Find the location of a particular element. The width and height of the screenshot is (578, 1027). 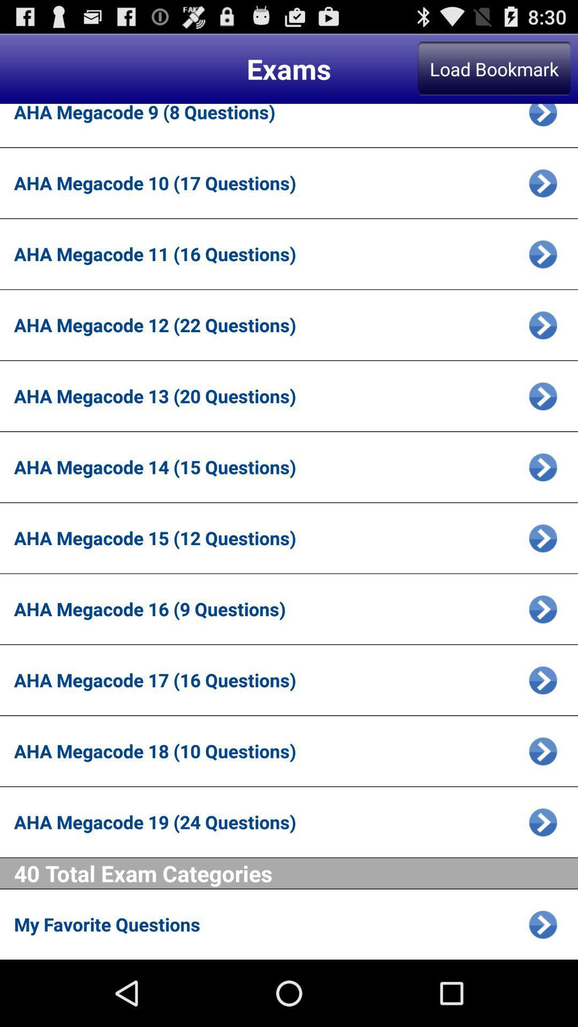

the 40 total exam icon is located at coordinates (296, 873).